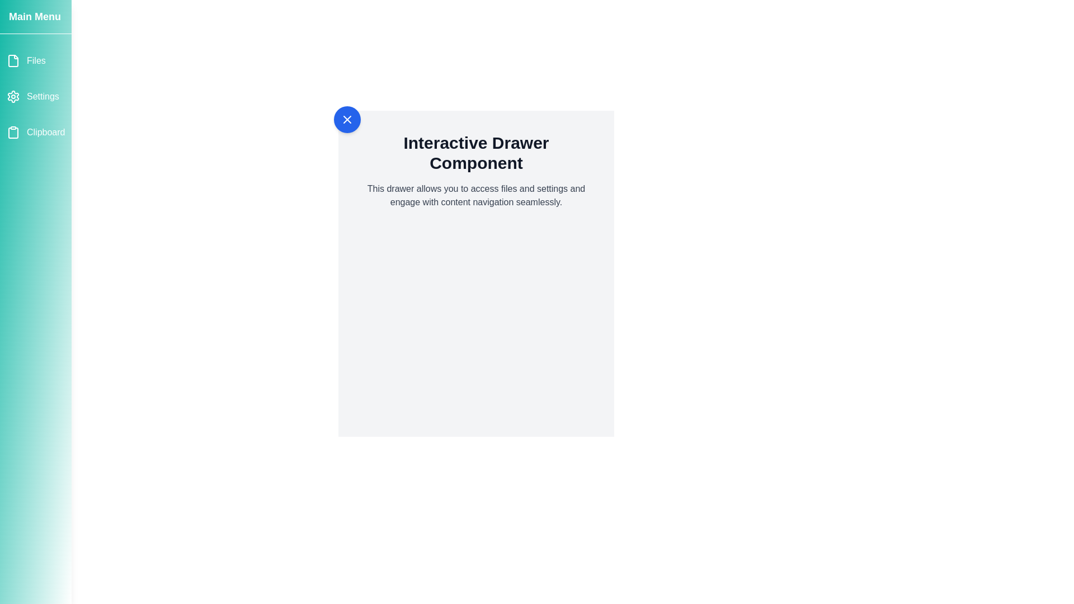  I want to click on the menu item Clipboard to observe the hover effect, so click(35, 131).